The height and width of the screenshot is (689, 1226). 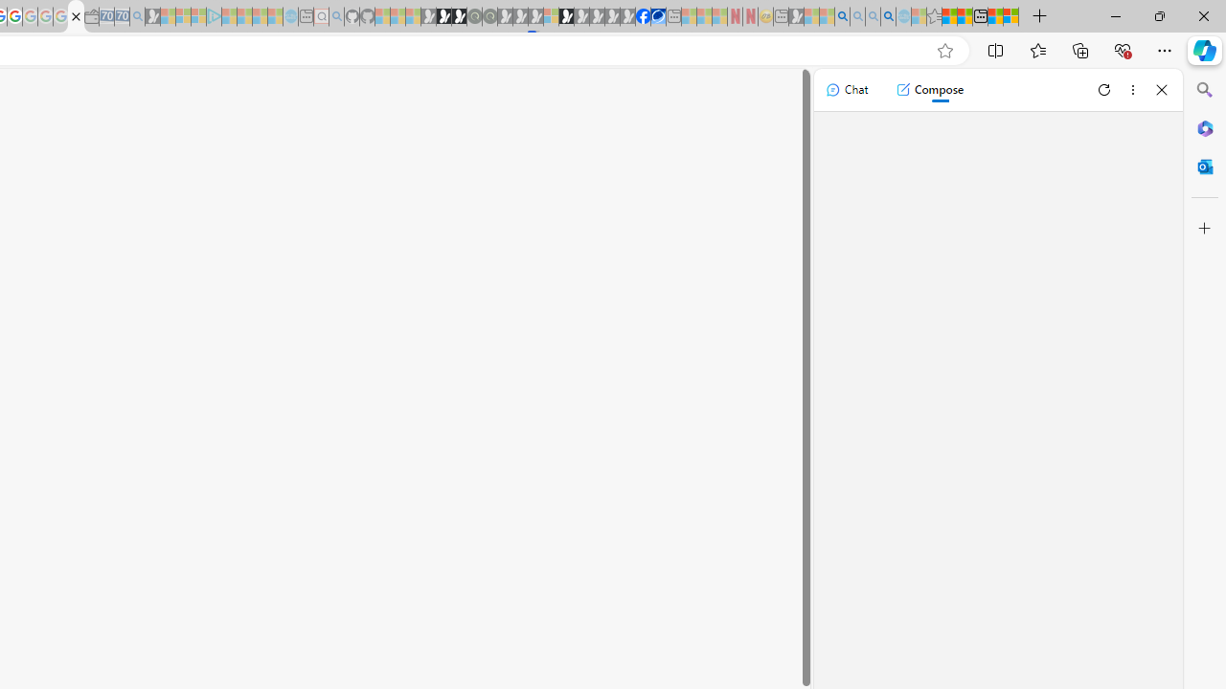 I want to click on 'Microsoft Start Gaming - Sleeping', so click(x=153, y=16).